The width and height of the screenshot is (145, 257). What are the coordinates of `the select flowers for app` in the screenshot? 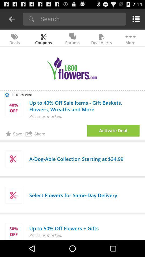 It's located at (73, 195).